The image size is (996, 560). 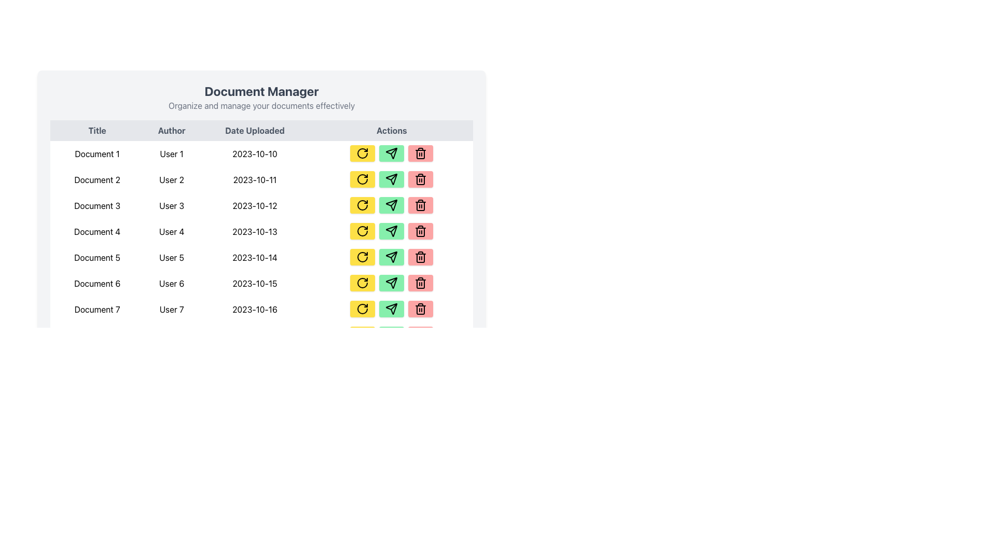 What do you see at coordinates (261, 284) in the screenshot?
I see `the 6th row of the tabular layout` at bounding box center [261, 284].